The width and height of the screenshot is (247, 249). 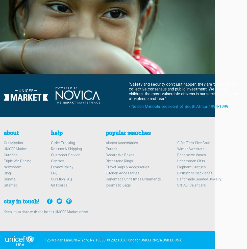 I want to click on 'Elephant Statues', so click(x=191, y=166).